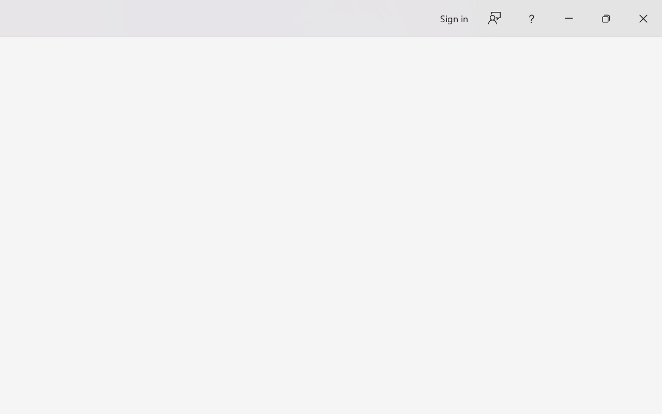 This screenshot has height=414, width=662. I want to click on 'Sign in', so click(453, 18).